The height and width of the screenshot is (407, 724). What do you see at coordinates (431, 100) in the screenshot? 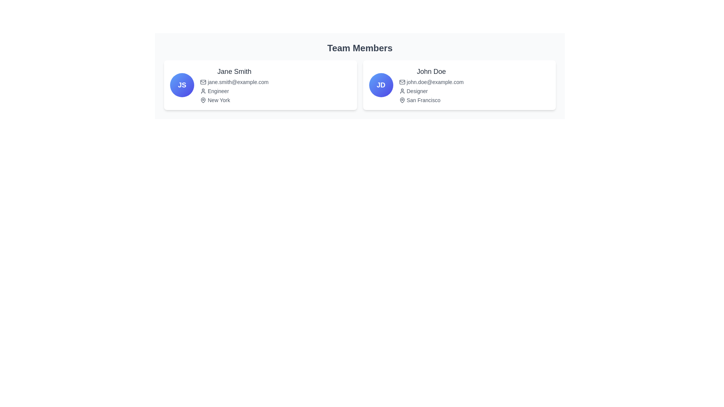
I see `the text element displaying 'San Francisco' with a pin icon, located beneath 'Designer' in John Doe's card` at bounding box center [431, 100].